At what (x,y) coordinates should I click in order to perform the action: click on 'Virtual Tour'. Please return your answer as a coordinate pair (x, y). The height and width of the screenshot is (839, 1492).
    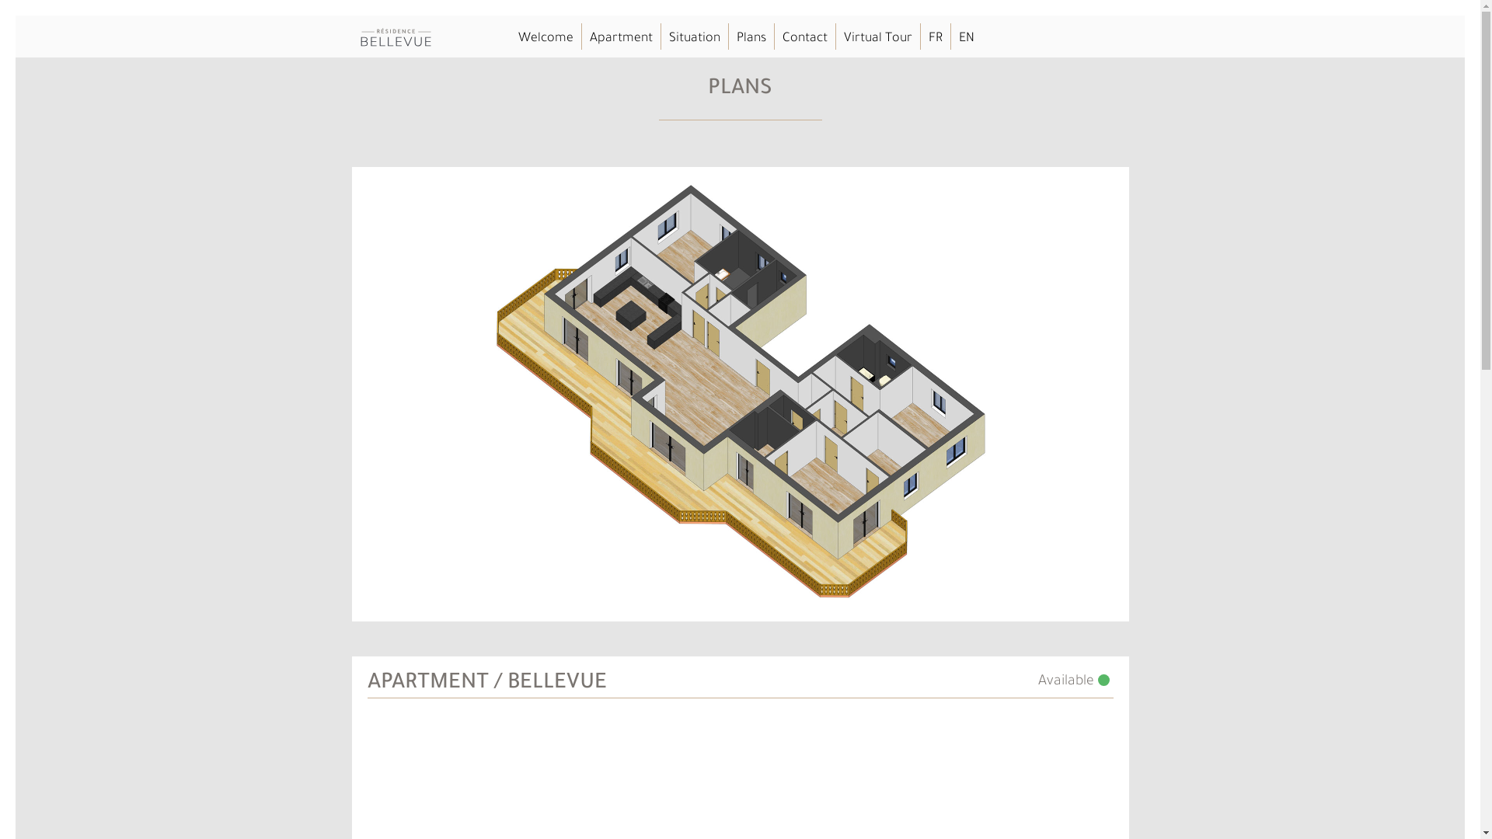
    Looking at the image, I should click on (877, 38).